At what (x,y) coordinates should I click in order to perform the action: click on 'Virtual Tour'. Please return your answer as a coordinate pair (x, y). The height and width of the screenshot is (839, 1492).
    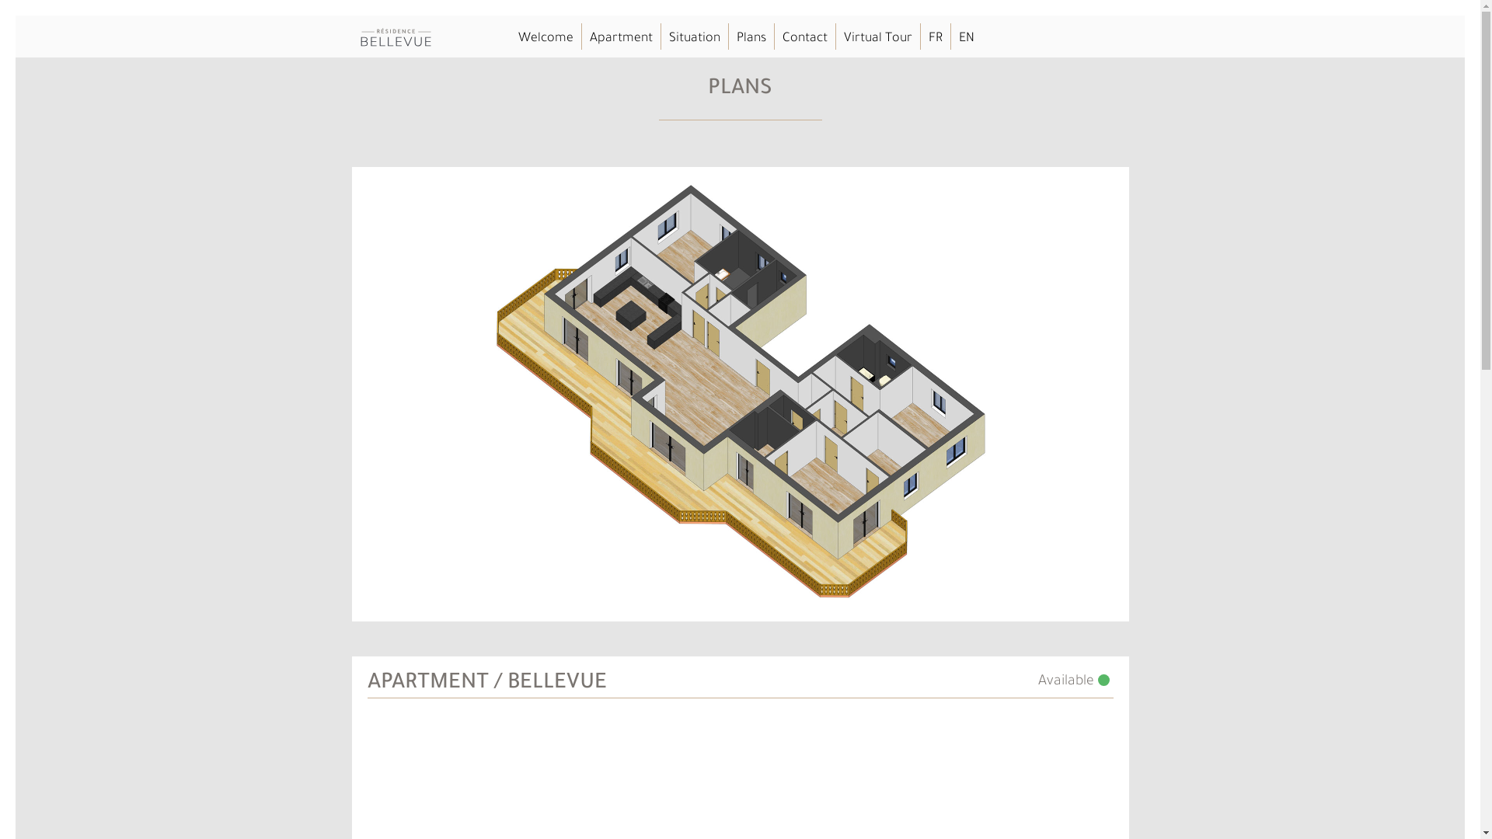
    Looking at the image, I should click on (877, 38).